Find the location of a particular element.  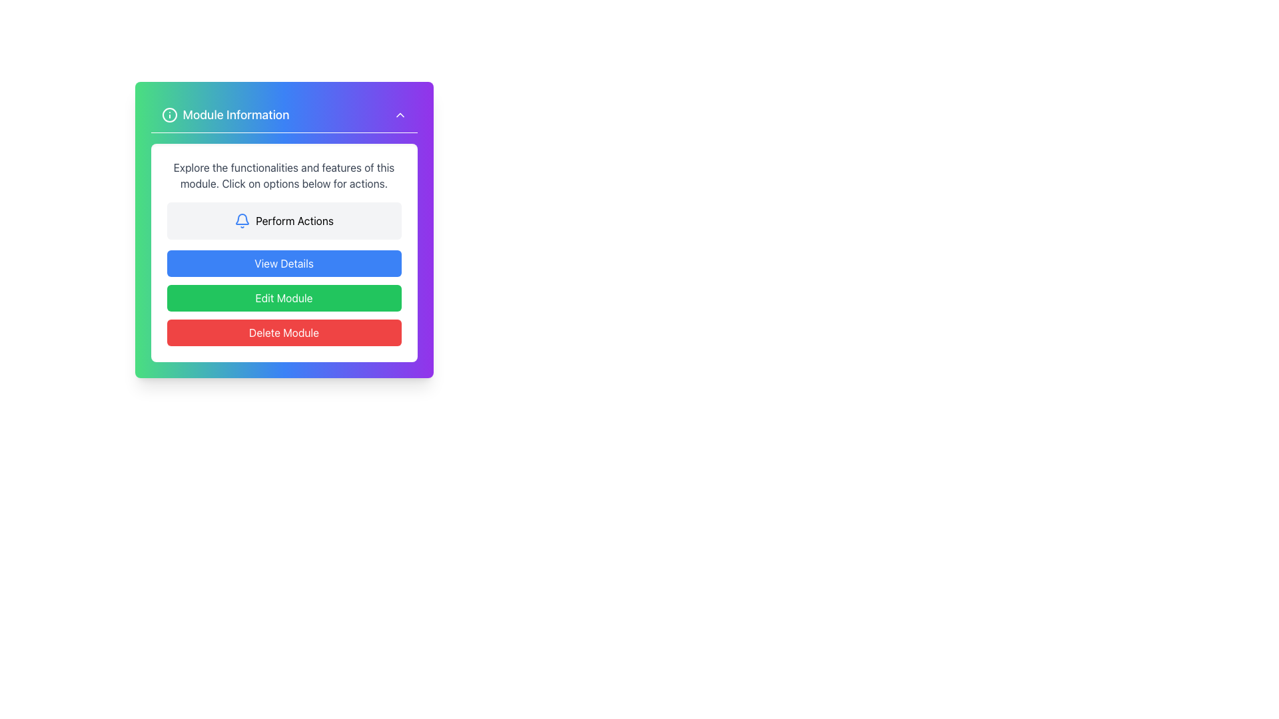

the rectangular button labeled 'Perform Actions' with a light gray background and a blue bell icon, located in the second section of the 'Module Information' card is located at coordinates (283, 229).